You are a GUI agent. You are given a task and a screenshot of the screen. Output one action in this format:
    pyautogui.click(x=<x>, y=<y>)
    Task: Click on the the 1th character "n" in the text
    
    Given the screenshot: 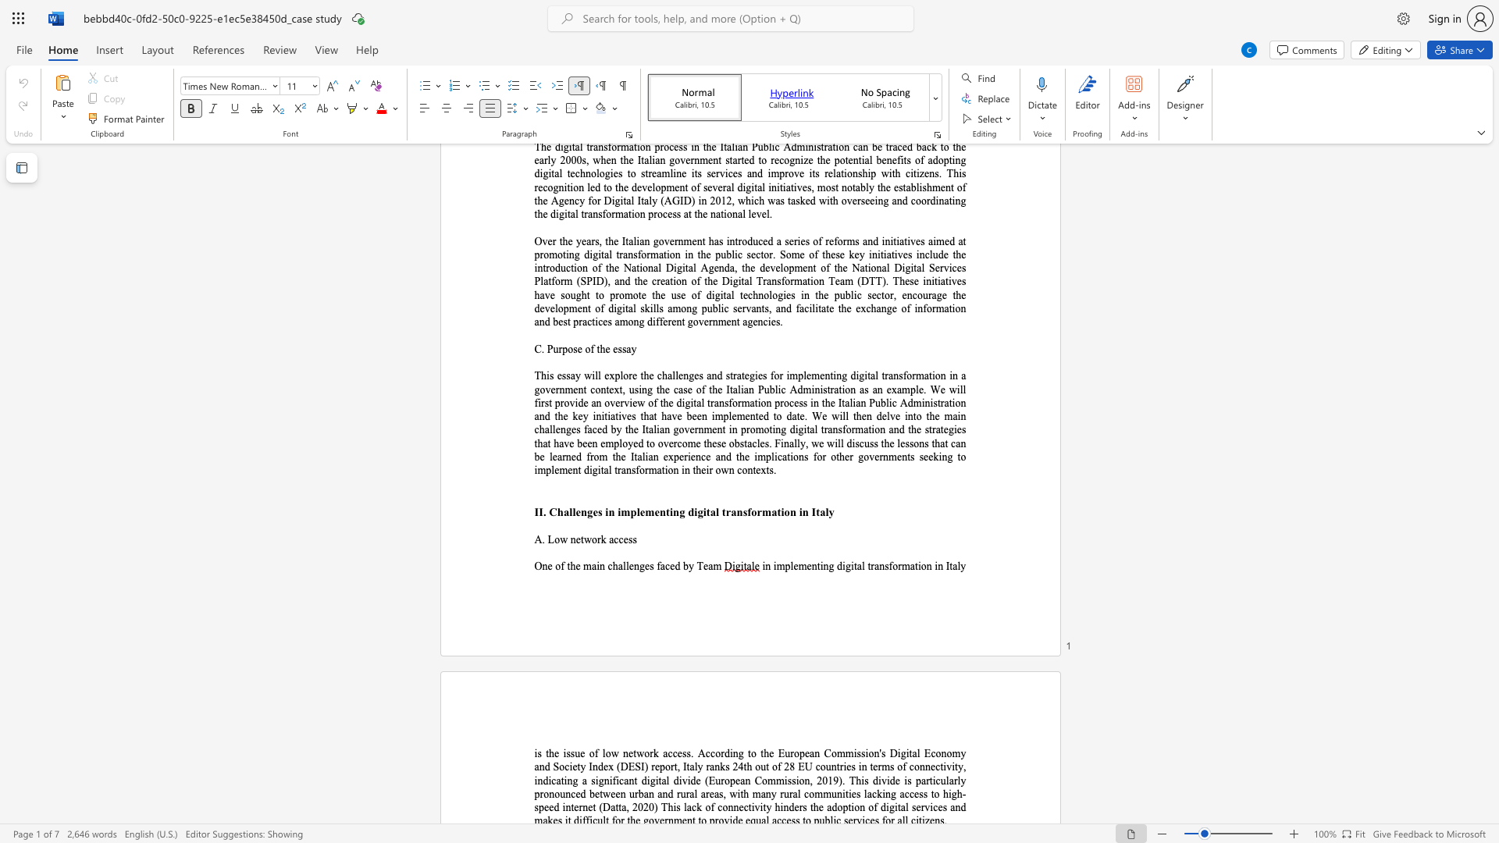 What is the action you would take?
    pyautogui.click(x=572, y=539)
    